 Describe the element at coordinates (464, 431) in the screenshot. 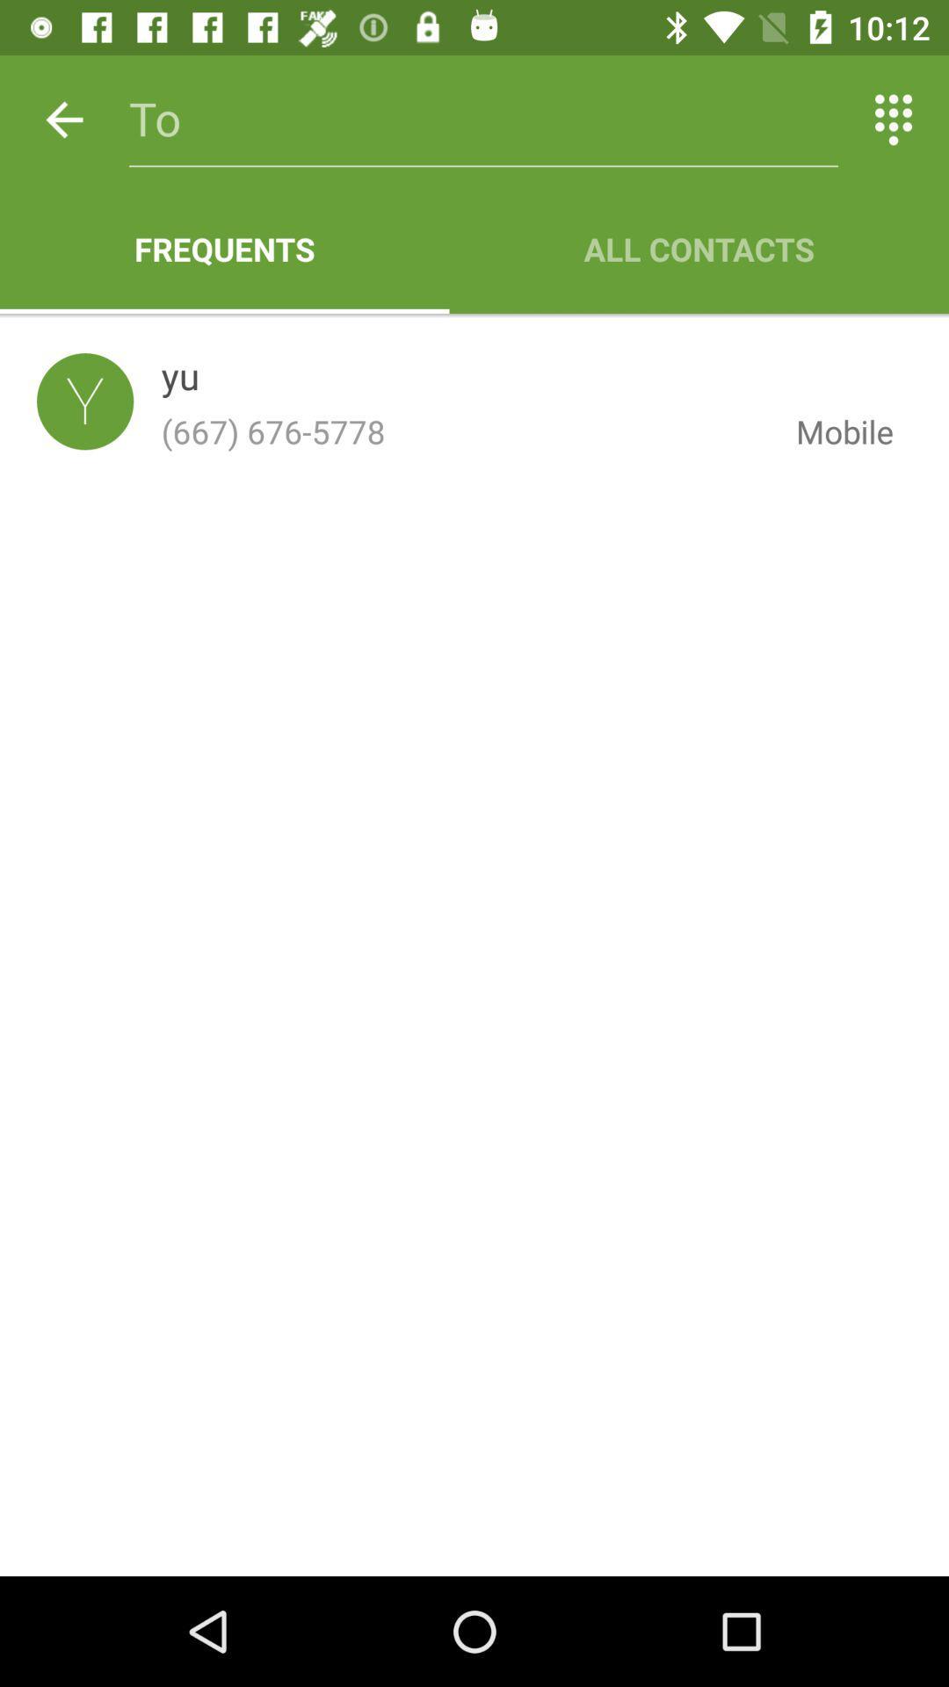

I see `icon next to mobile` at that location.